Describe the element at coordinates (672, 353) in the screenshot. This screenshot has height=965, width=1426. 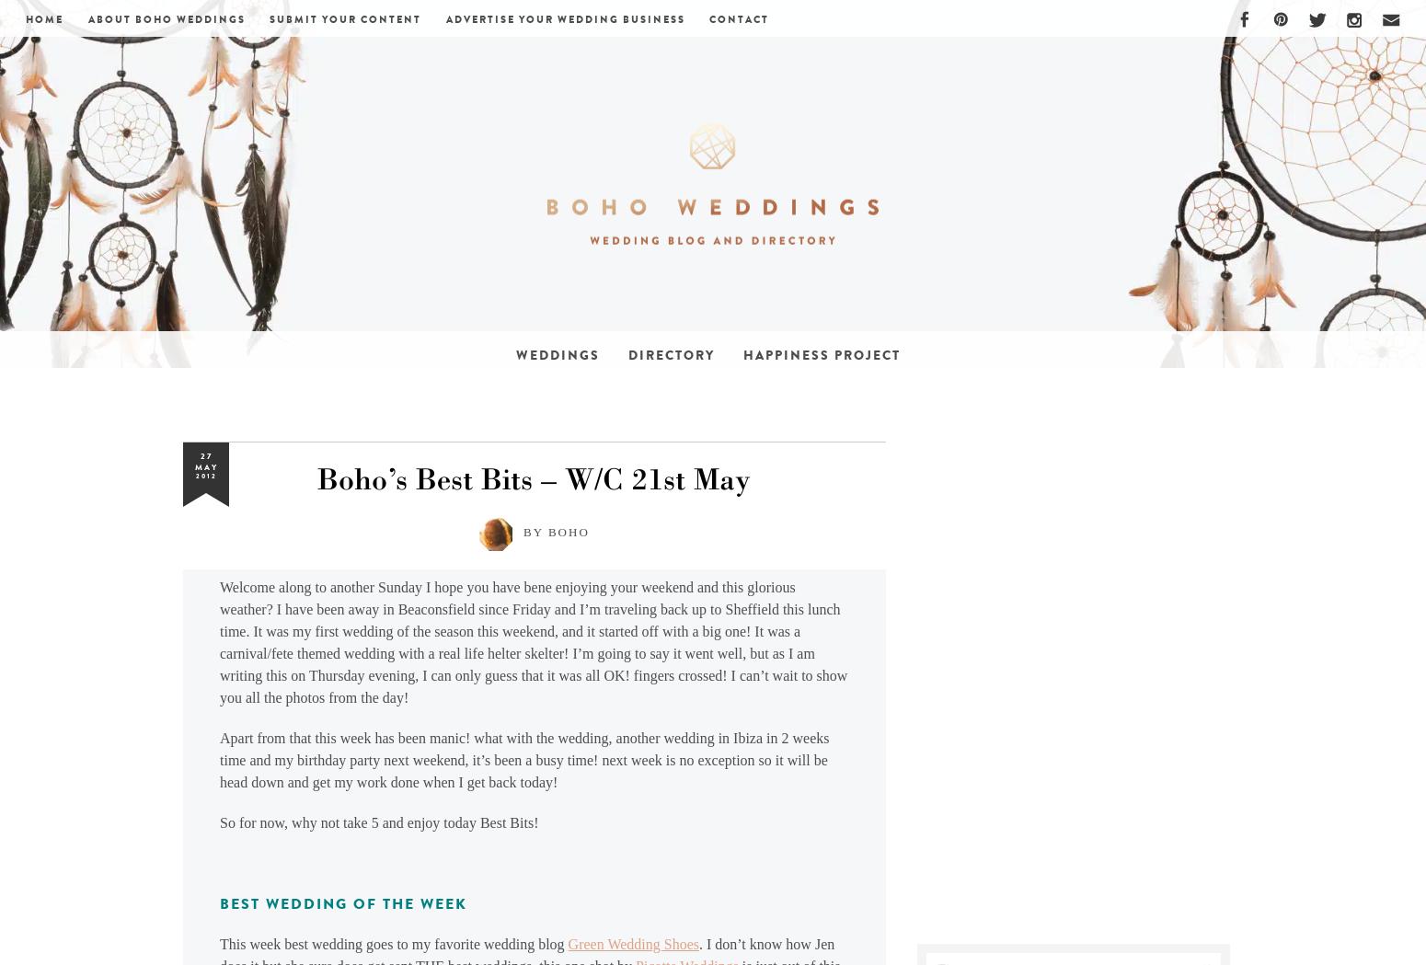
I see `'Directory'` at that location.